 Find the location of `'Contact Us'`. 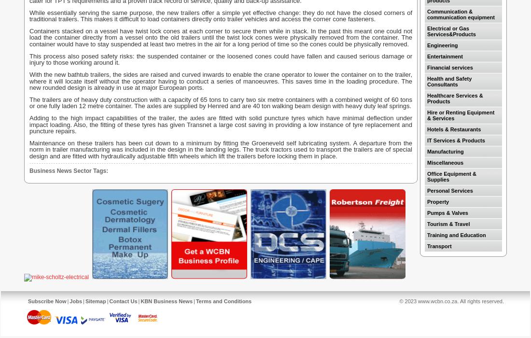

'Contact Us' is located at coordinates (123, 301).